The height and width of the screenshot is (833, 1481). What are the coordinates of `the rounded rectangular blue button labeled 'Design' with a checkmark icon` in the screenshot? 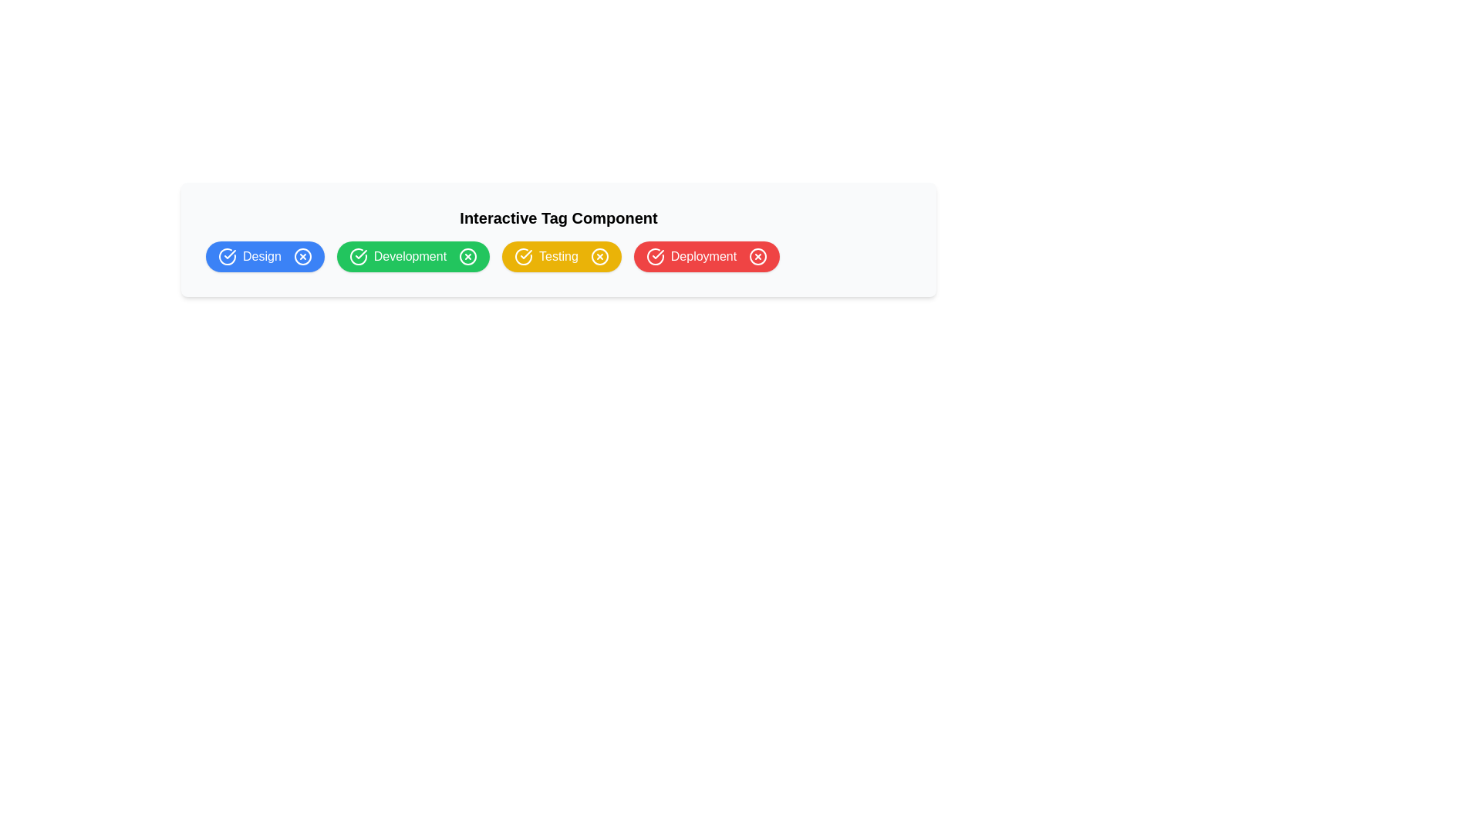 It's located at (265, 255).